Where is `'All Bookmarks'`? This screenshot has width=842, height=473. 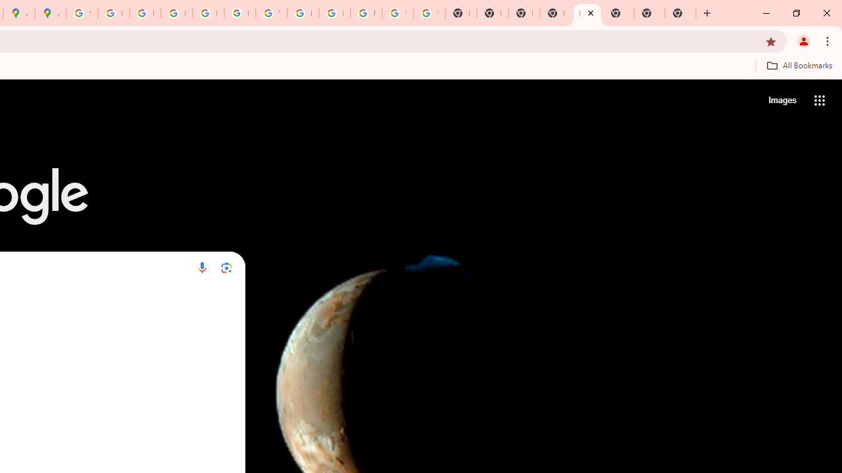
'All Bookmarks' is located at coordinates (799, 65).